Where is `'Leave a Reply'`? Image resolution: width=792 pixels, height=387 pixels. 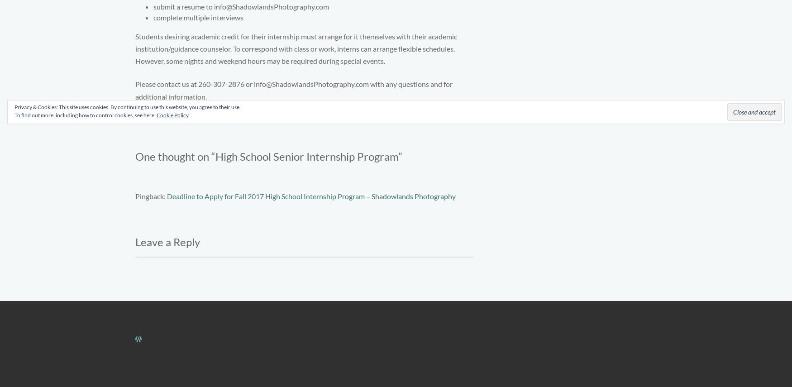 'Leave a Reply' is located at coordinates (167, 242).